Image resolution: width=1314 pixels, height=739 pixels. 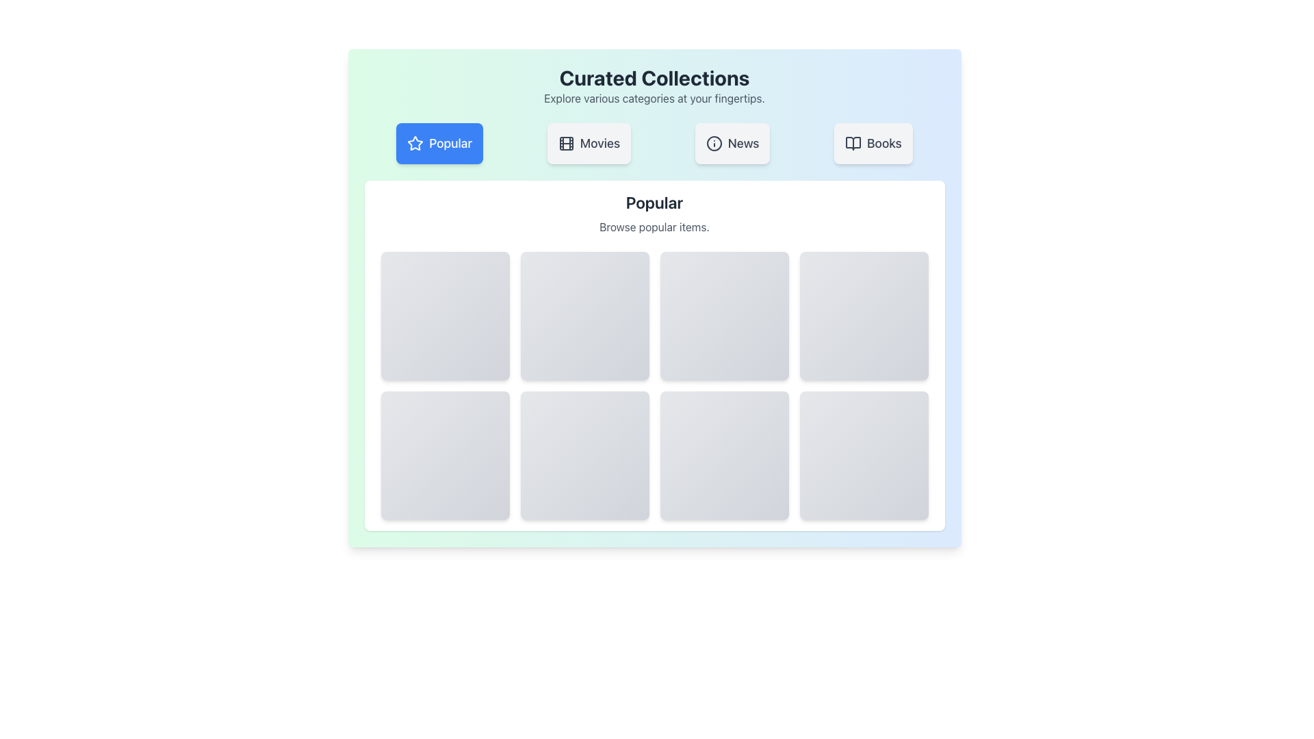 What do you see at coordinates (566, 143) in the screenshot?
I see `the graphical rectangle part of the SVG icon that symbolizes multimedia content, located near the 'Popular' button at the top of the page` at bounding box center [566, 143].